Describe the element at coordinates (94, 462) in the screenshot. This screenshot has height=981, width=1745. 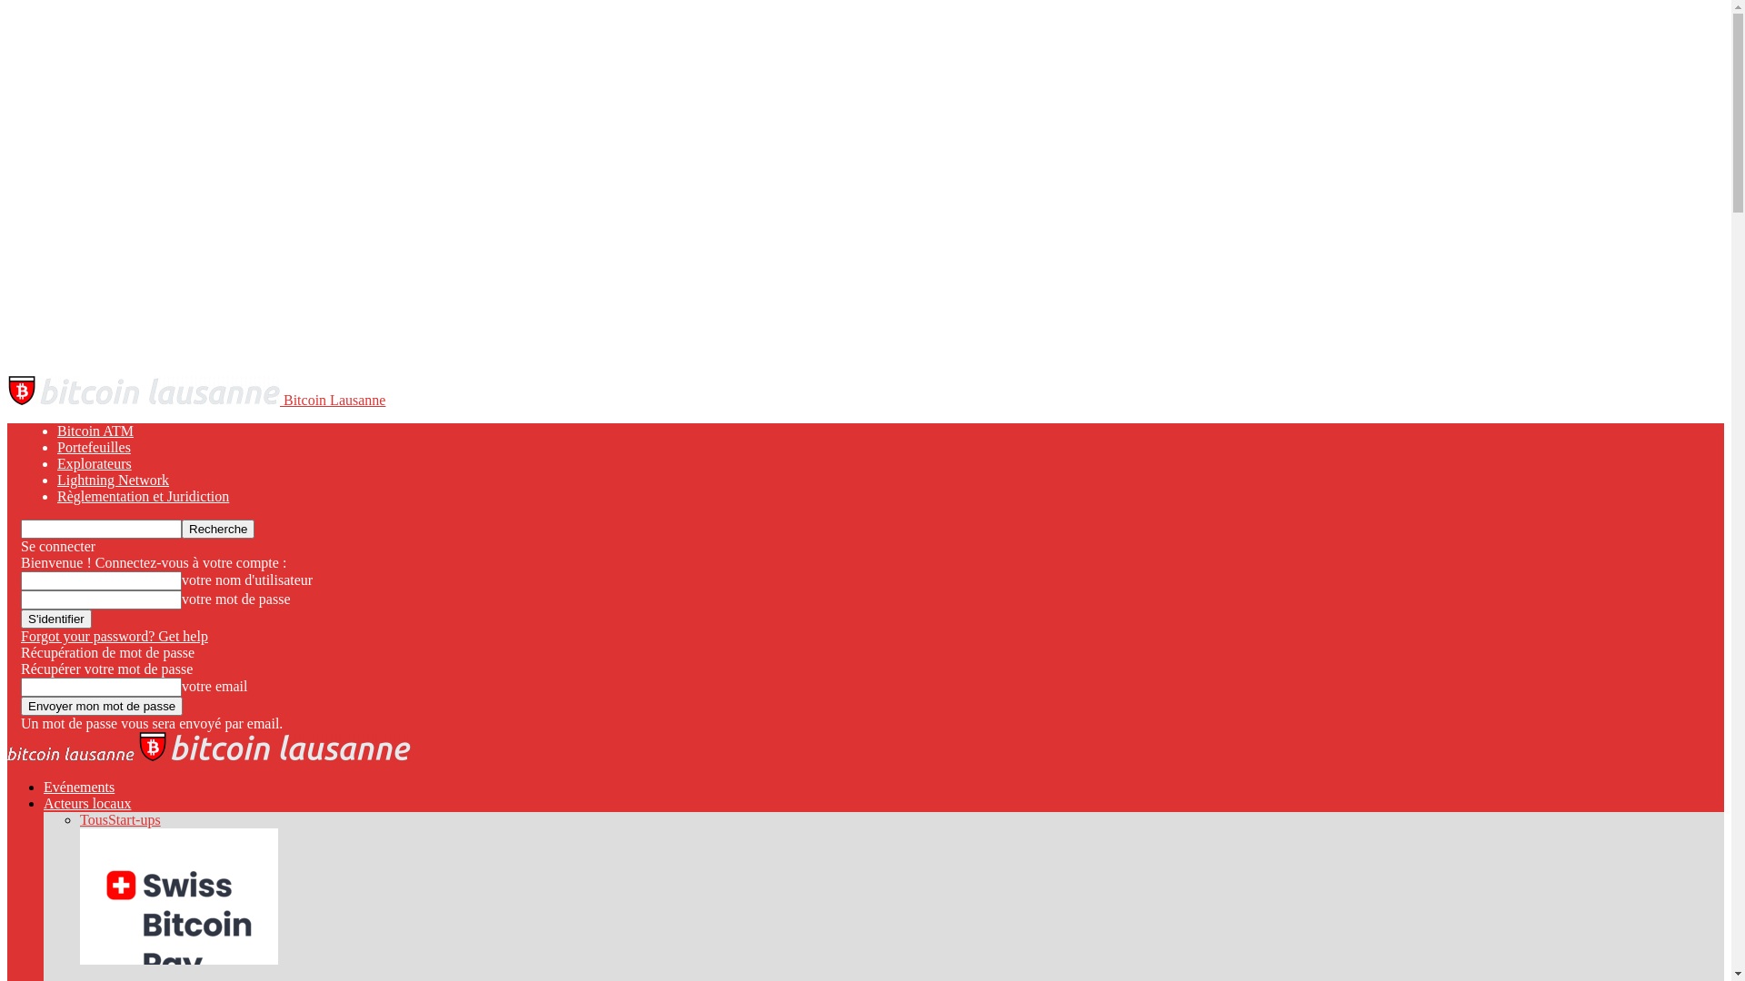
I see `'Explorateurs'` at that location.